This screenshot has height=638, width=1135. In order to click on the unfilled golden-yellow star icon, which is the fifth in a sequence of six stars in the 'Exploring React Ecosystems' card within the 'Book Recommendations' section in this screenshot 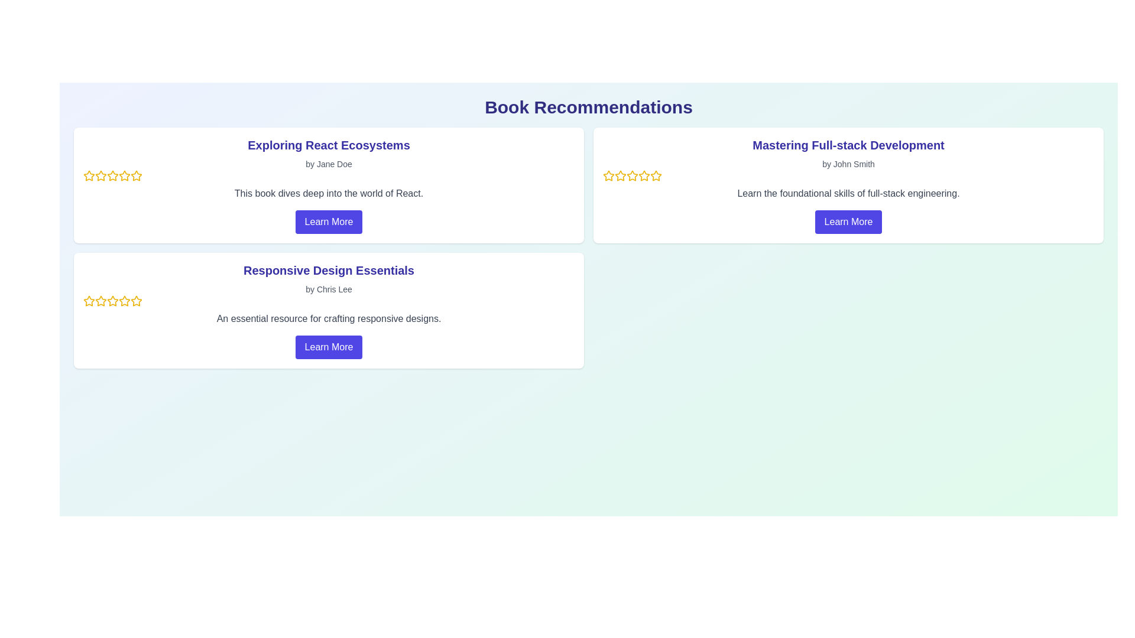, I will do `click(136, 175)`.